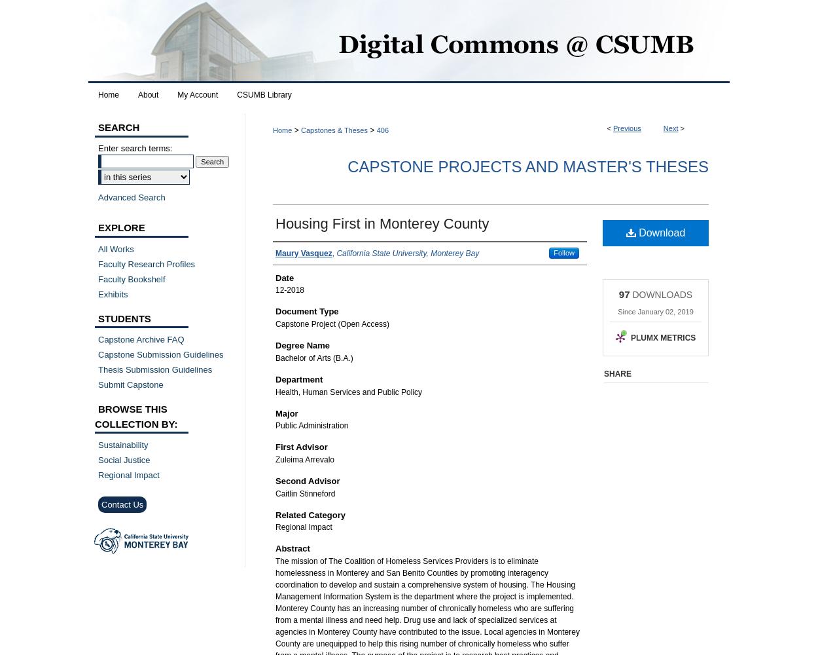 The height and width of the screenshot is (655, 818). I want to click on 'Faculty Research Profiles', so click(98, 263).